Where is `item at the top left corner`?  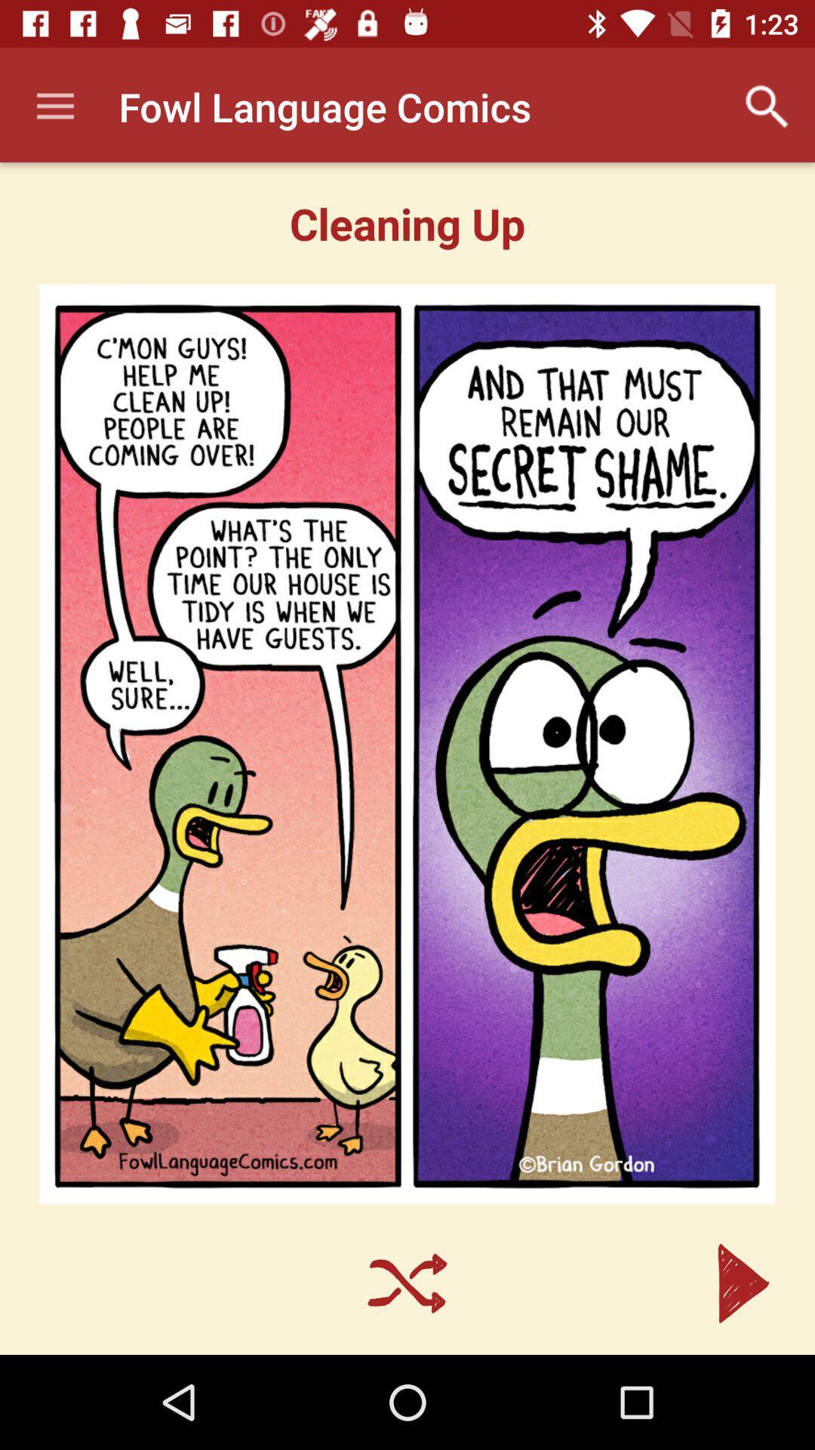 item at the top left corner is located at coordinates (54, 106).